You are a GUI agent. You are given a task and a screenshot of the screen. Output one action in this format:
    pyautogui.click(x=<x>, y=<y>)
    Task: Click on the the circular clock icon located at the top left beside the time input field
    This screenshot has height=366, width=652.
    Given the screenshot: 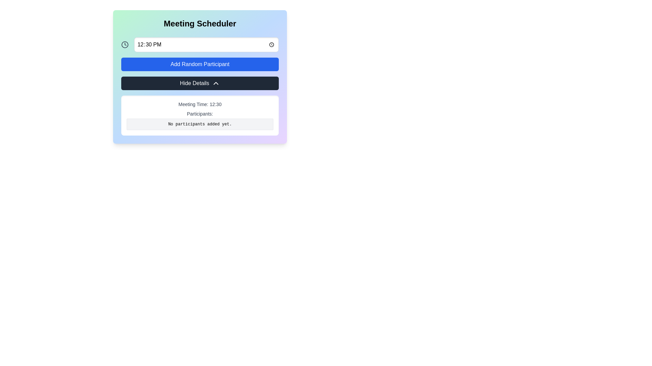 What is the action you would take?
    pyautogui.click(x=125, y=44)
    